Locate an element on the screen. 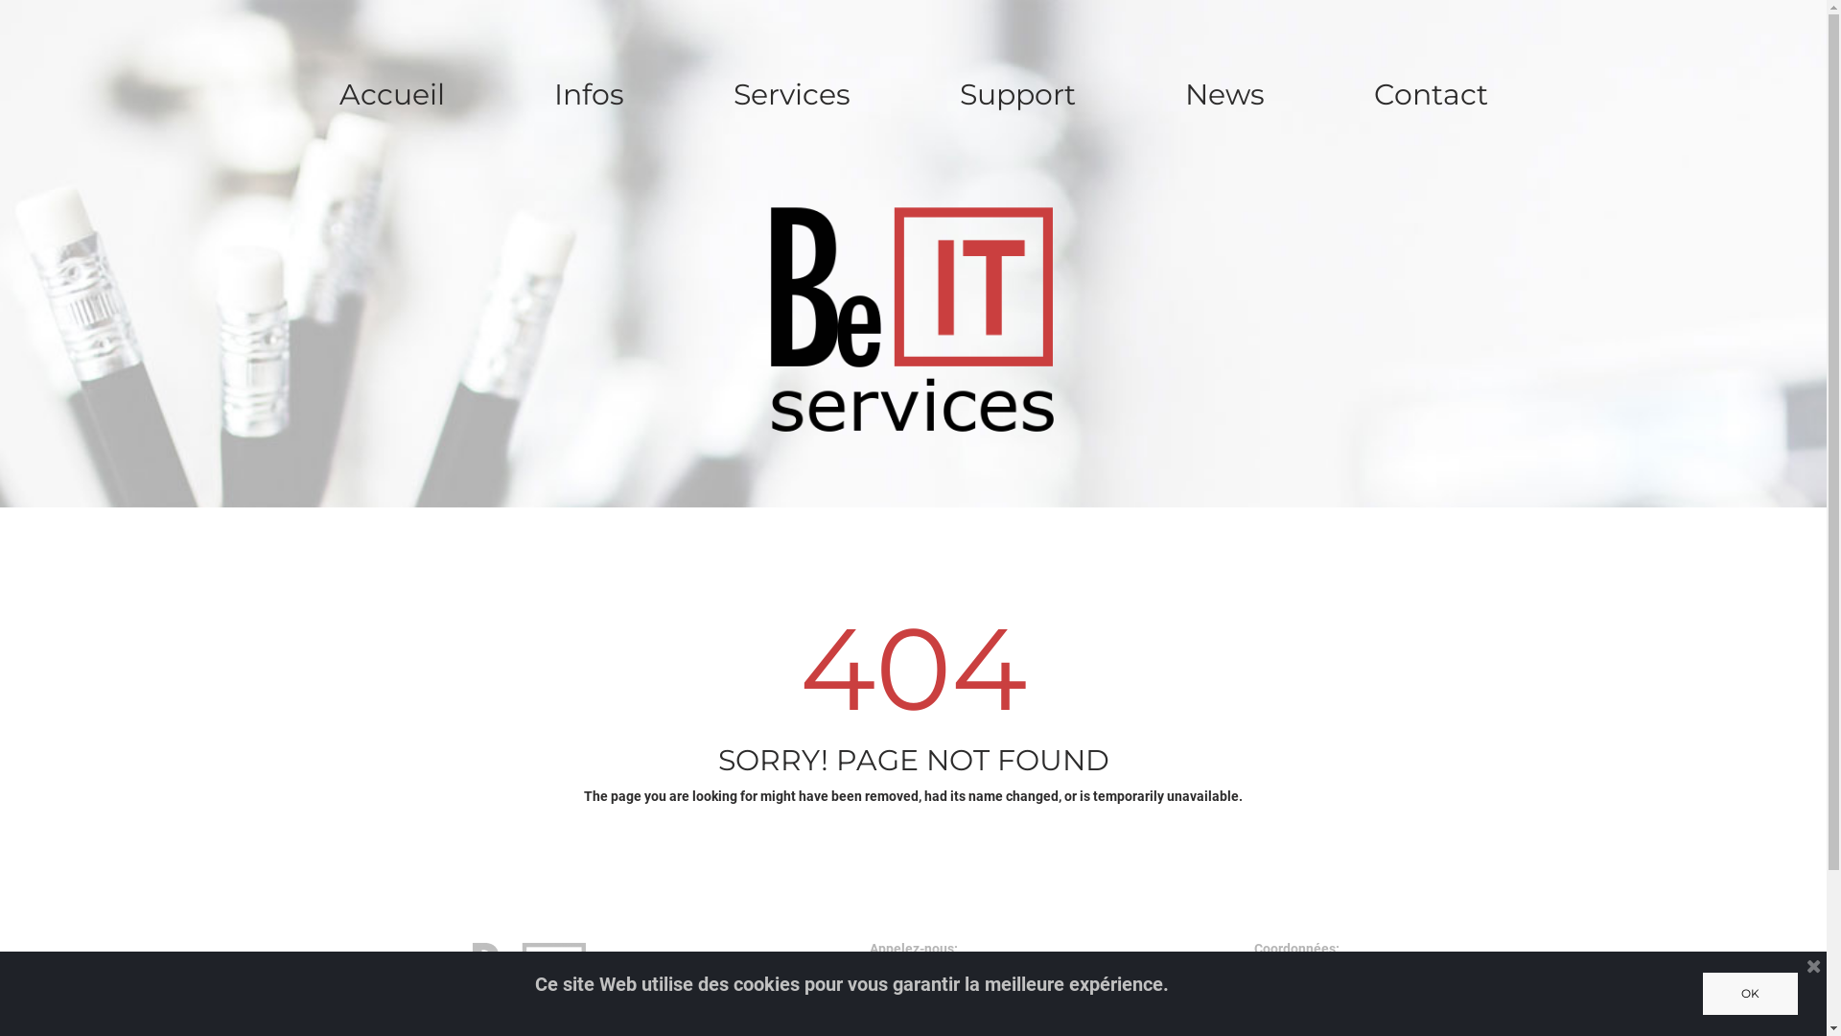 The image size is (1841, 1036). 'Contact' is located at coordinates (1431, 95).